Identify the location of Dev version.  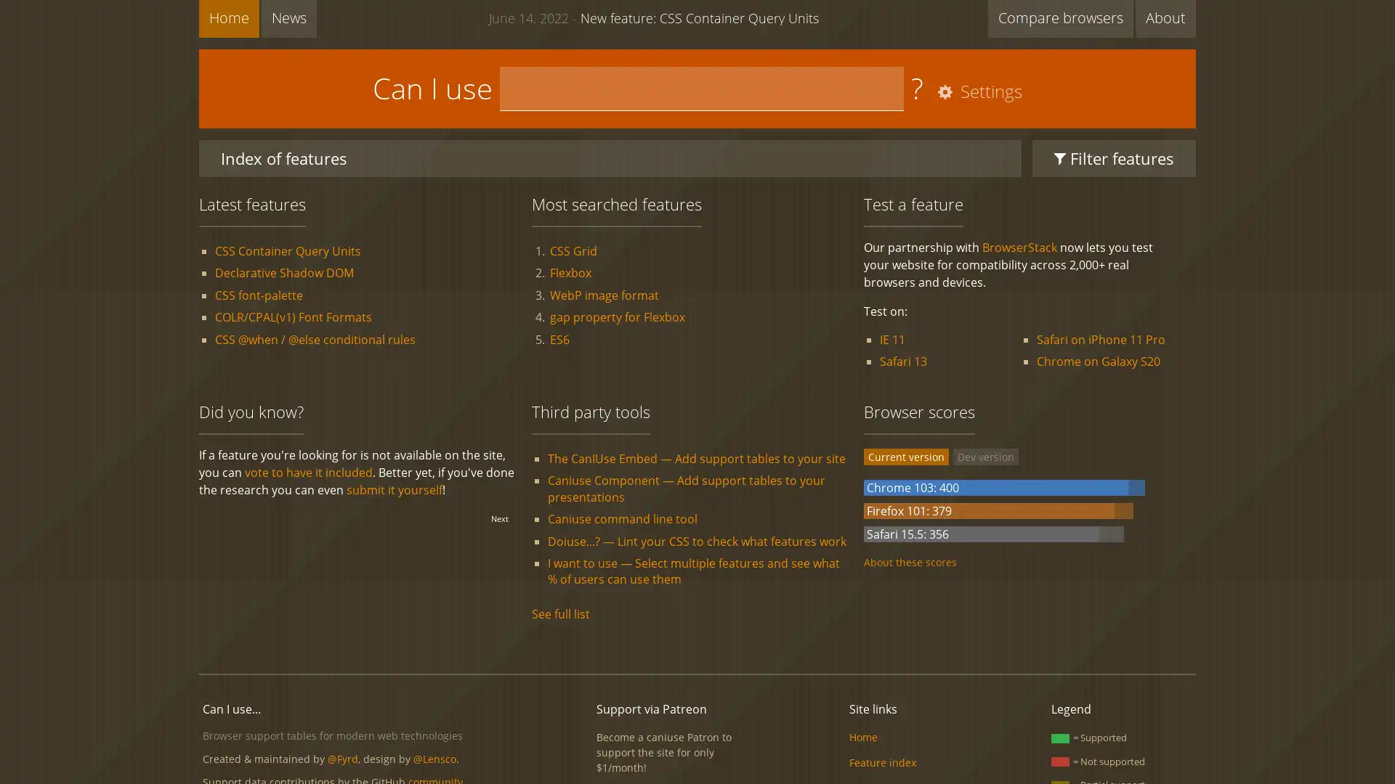
(985, 455).